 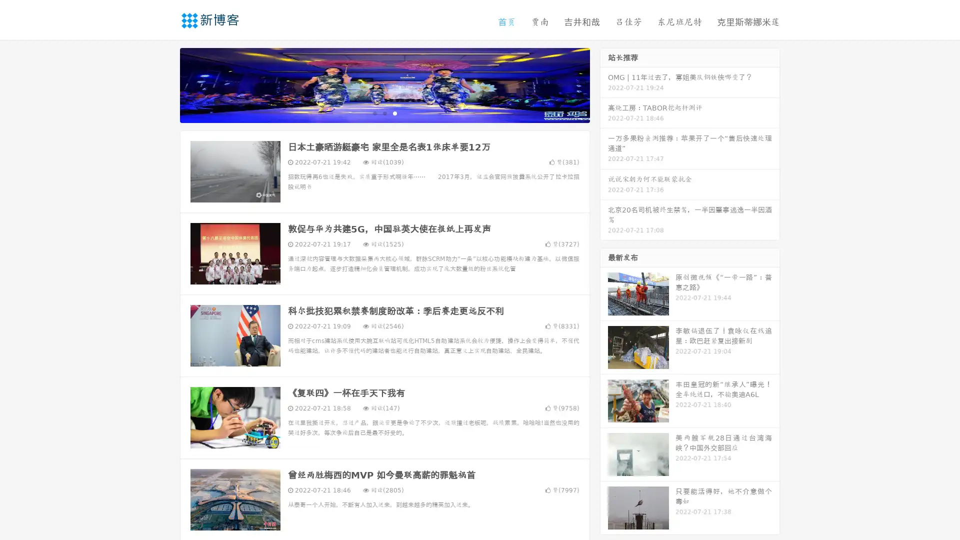 What do you see at coordinates (374, 112) in the screenshot?
I see `Go to slide 1` at bounding box center [374, 112].